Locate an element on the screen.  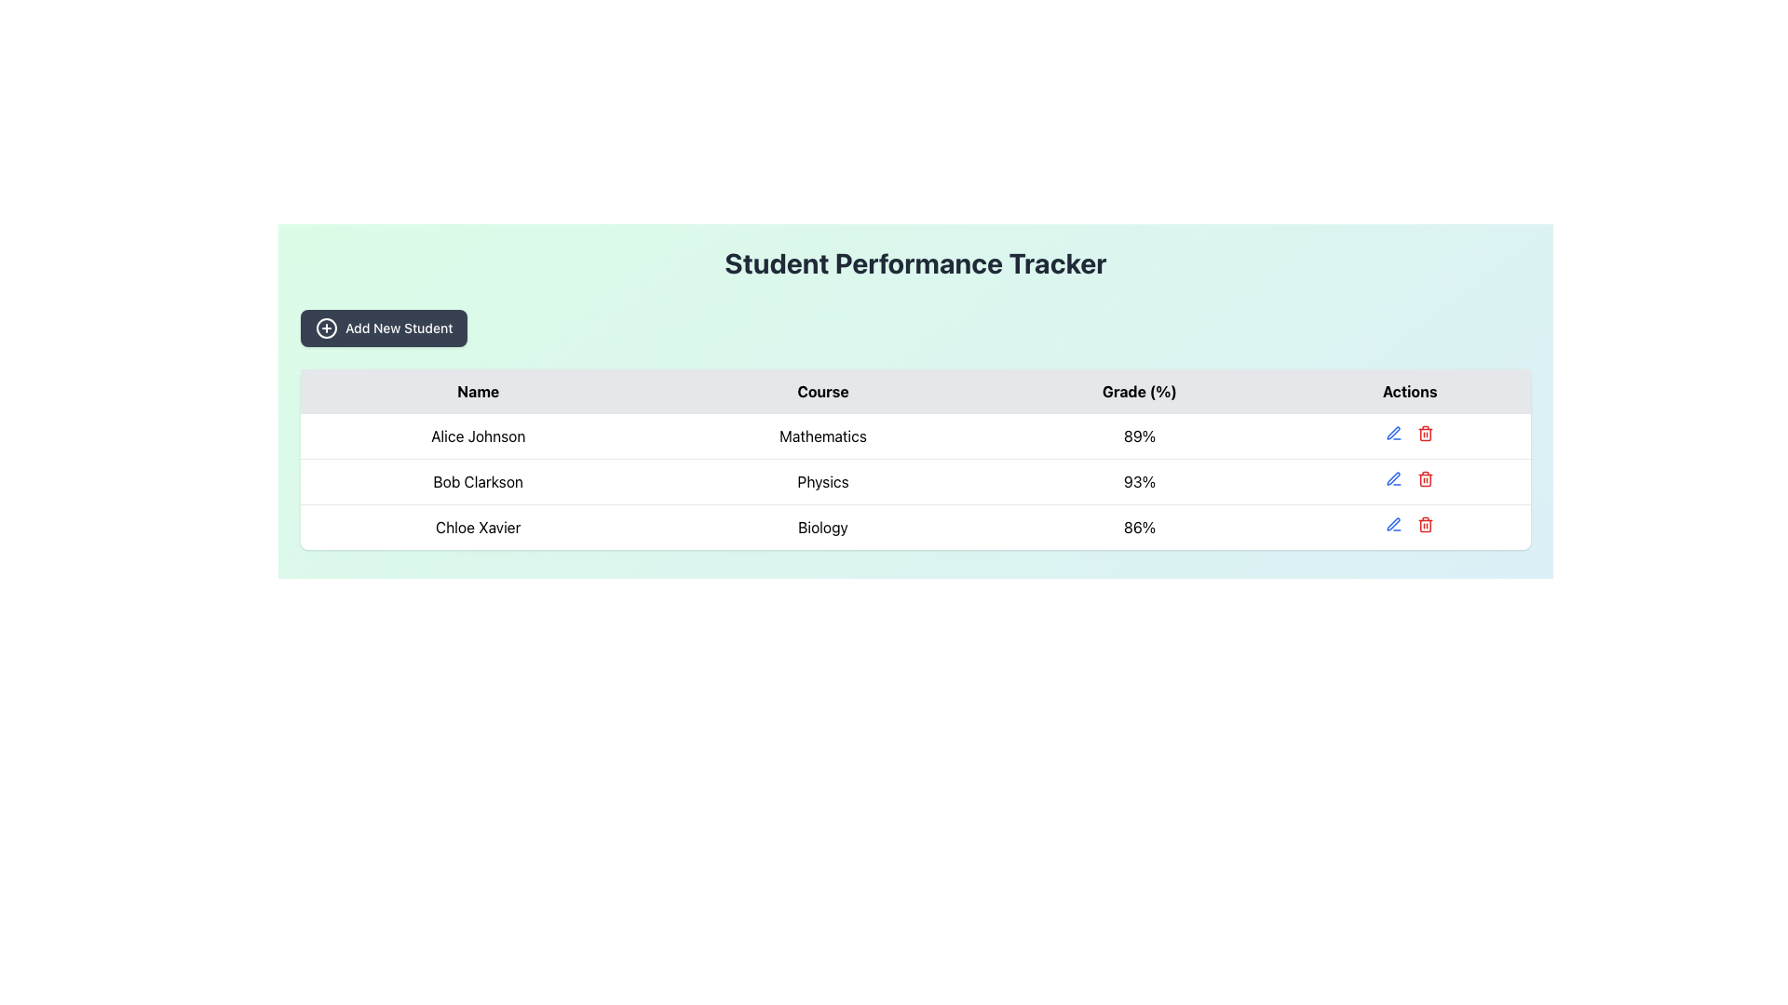
the first icon button in the 'Actions' column of the second row in the table is located at coordinates (1394, 478).